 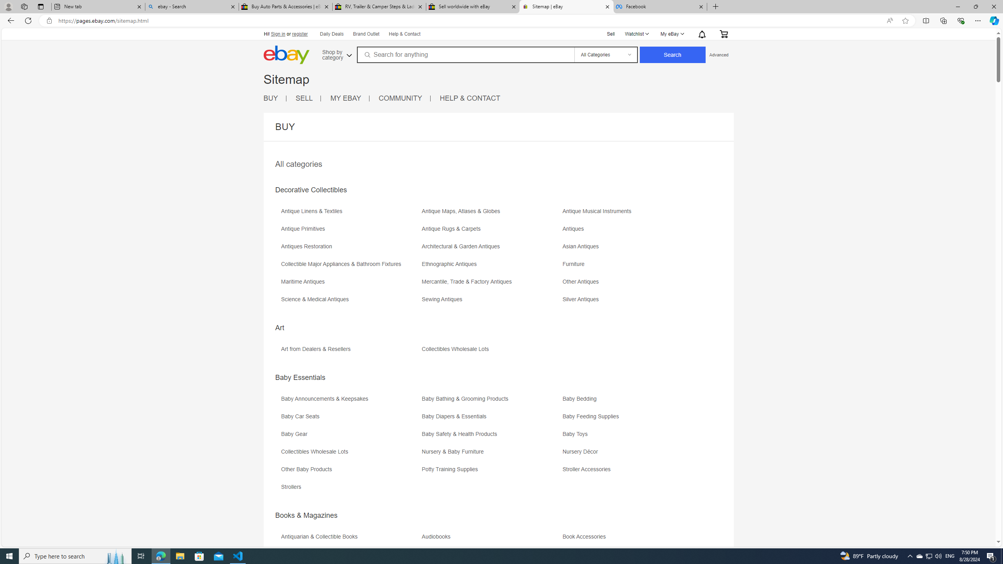 I want to click on 'Read aloud this page (Ctrl+Shift+U)', so click(x=889, y=21).